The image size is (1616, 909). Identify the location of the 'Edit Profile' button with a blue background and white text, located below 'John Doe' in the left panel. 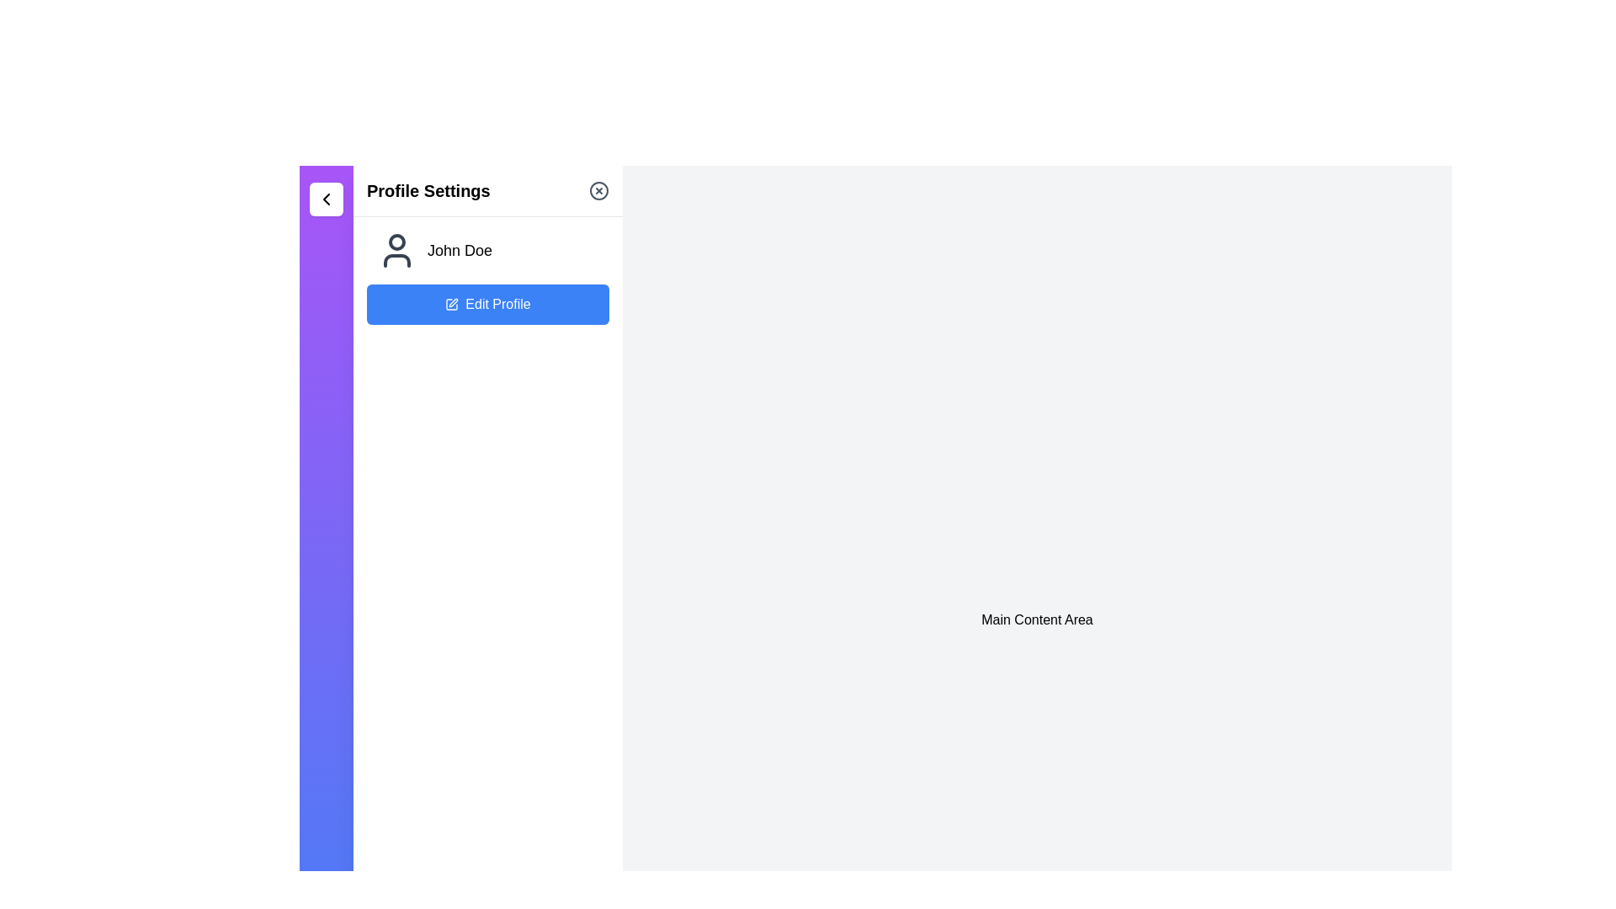
(487, 305).